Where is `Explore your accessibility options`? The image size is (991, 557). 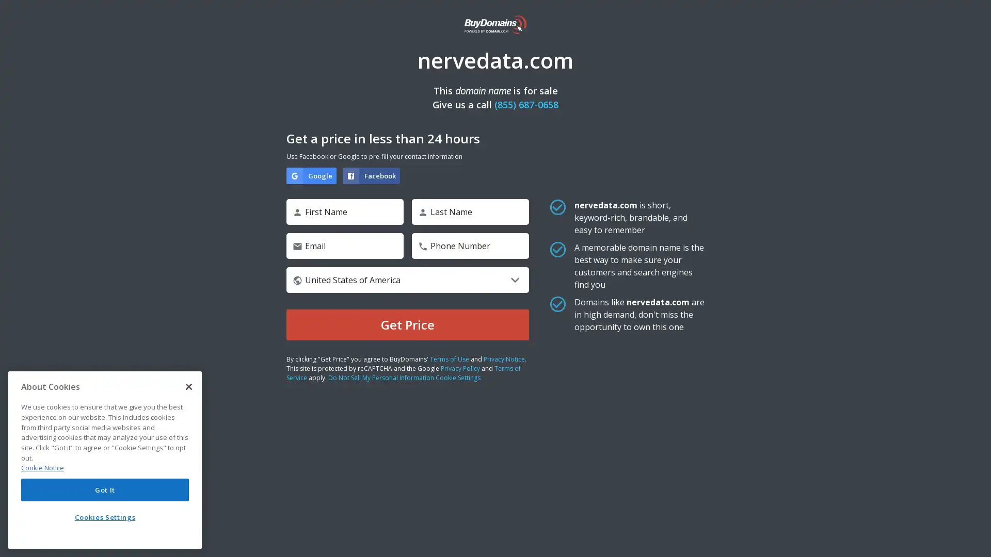 Explore your accessibility options is located at coordinates (973, 538).